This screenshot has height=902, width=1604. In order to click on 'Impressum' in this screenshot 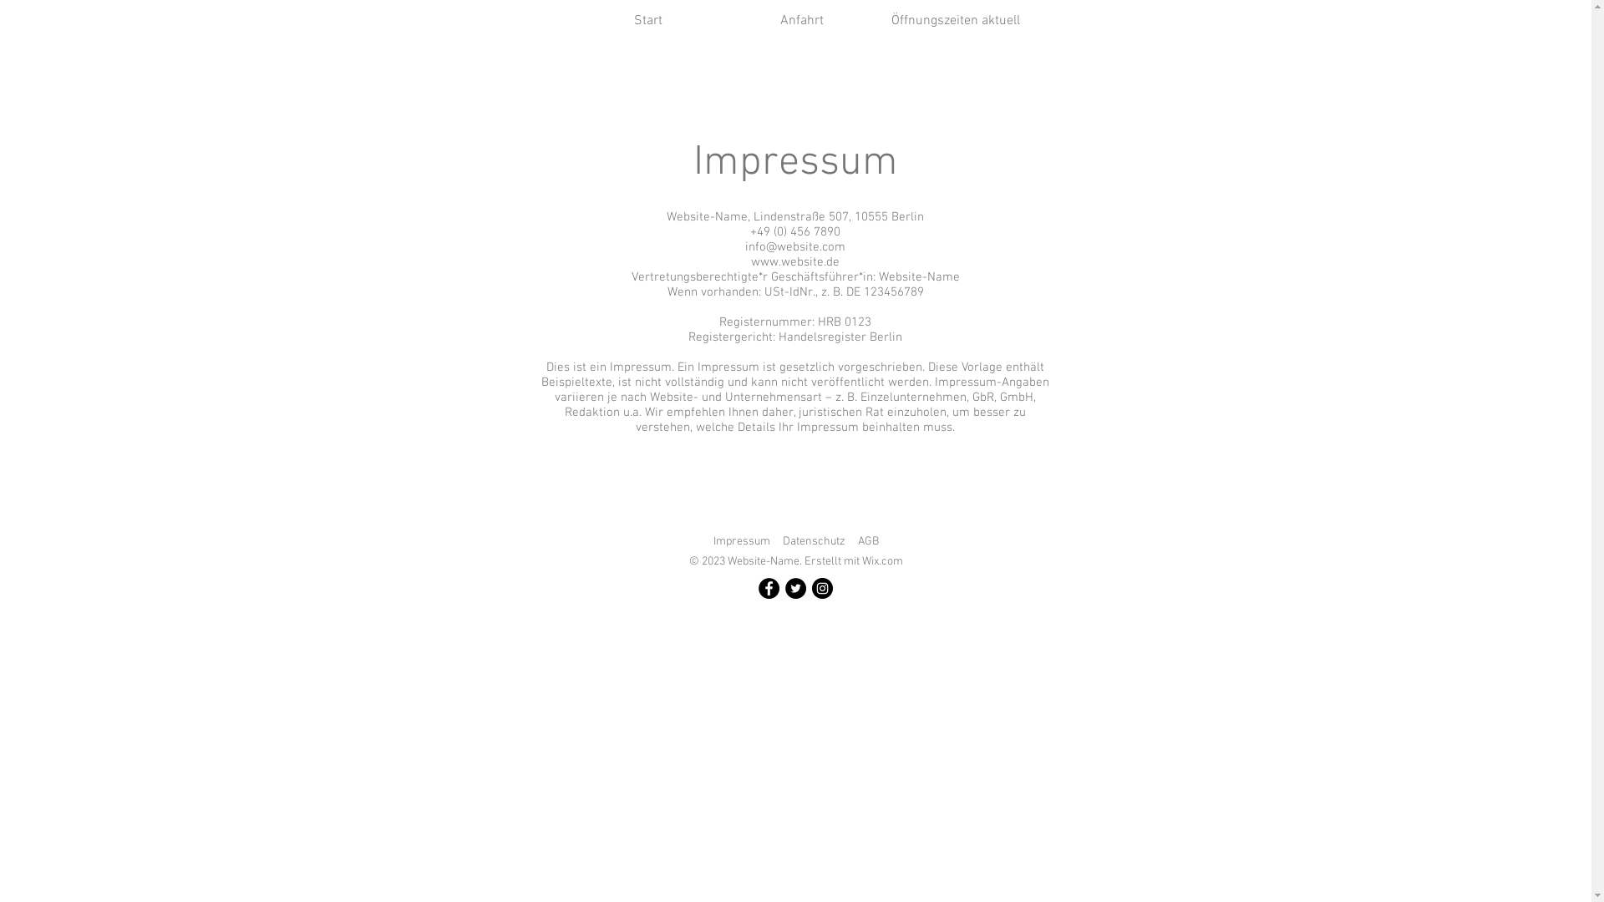, I will do `click(741, 541)`.